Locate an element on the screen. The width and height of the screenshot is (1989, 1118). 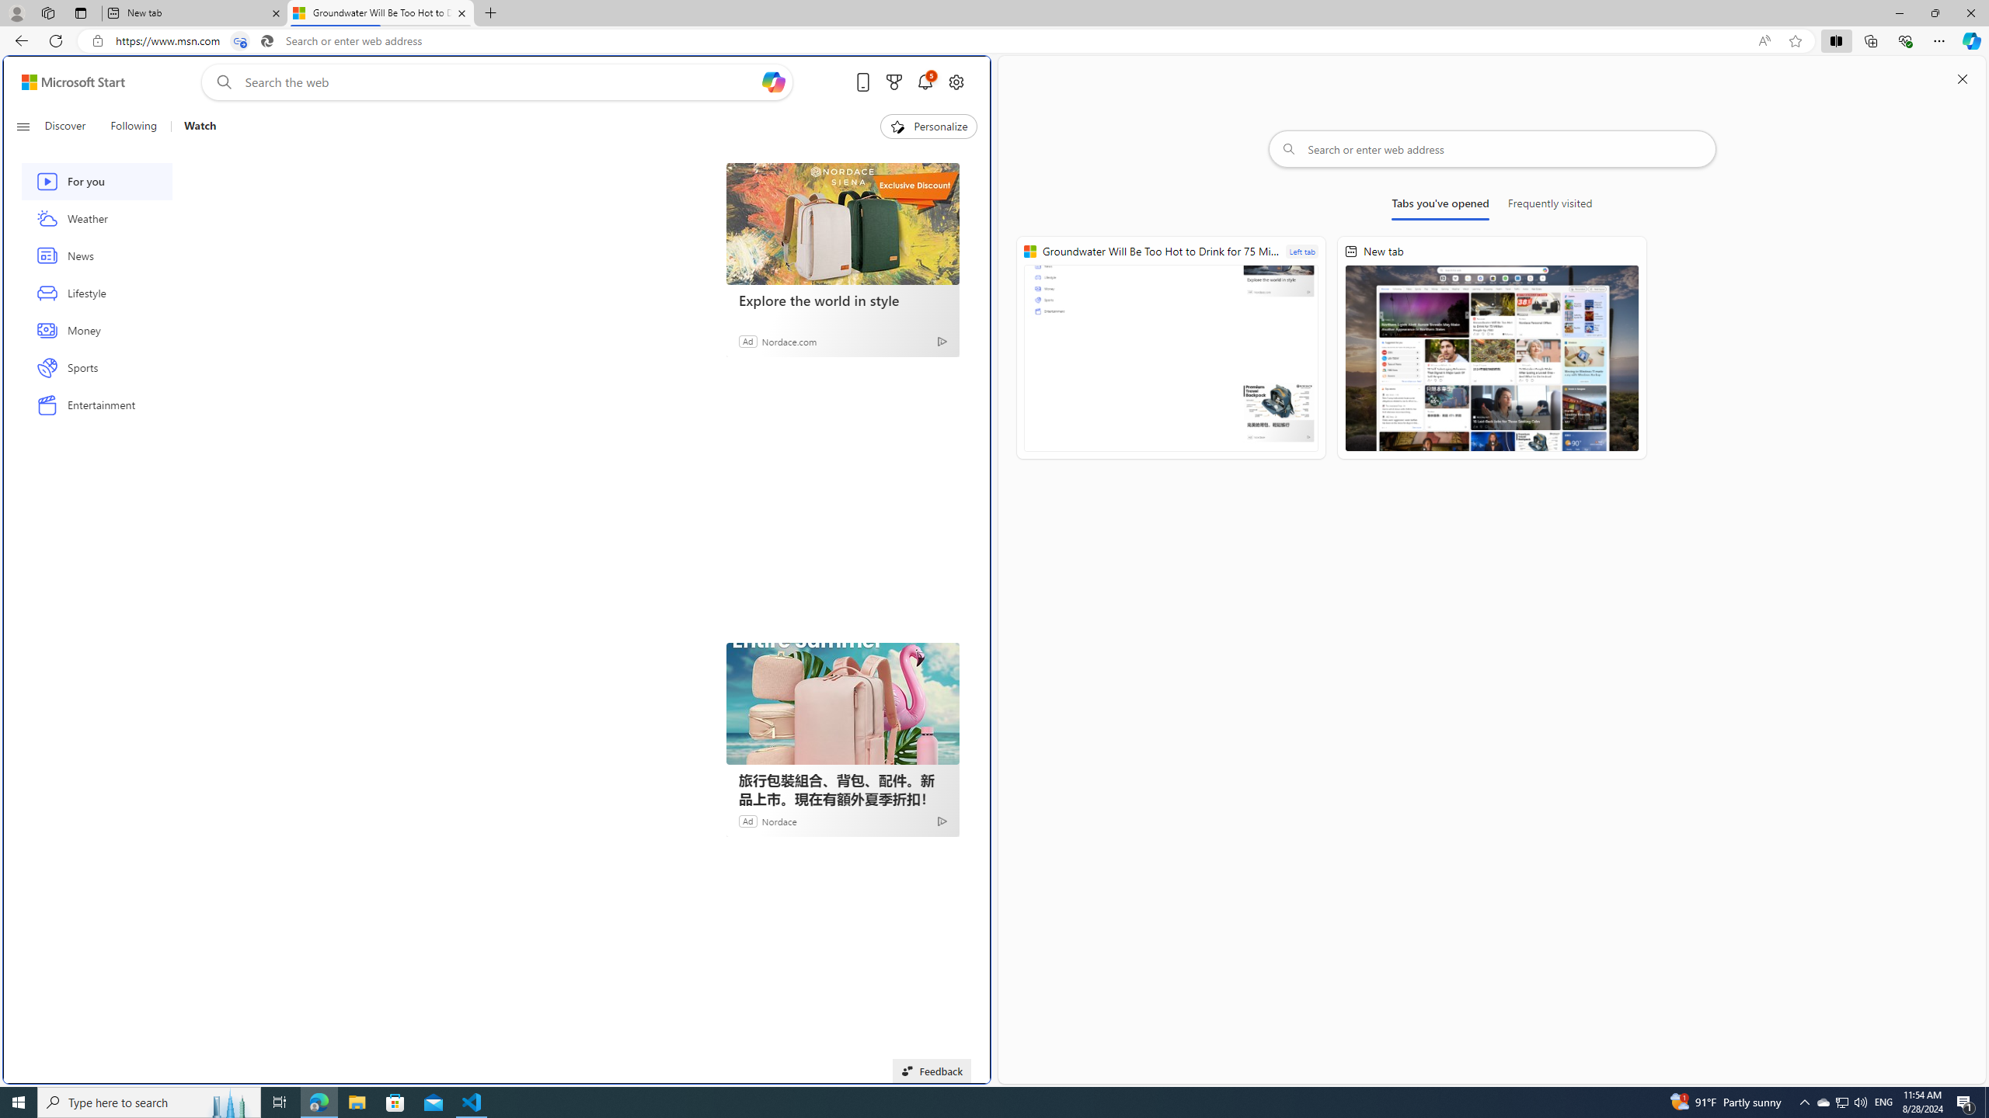
'Close split screen' is located at coordinates (1963, 78).